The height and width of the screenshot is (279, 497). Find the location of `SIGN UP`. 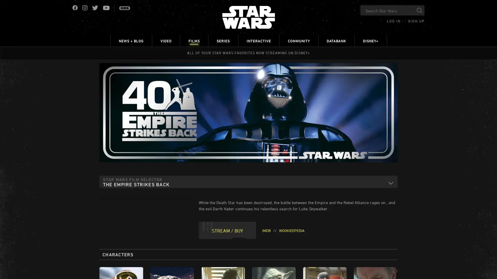

SIGN UP is located at coordinates (416, 21).